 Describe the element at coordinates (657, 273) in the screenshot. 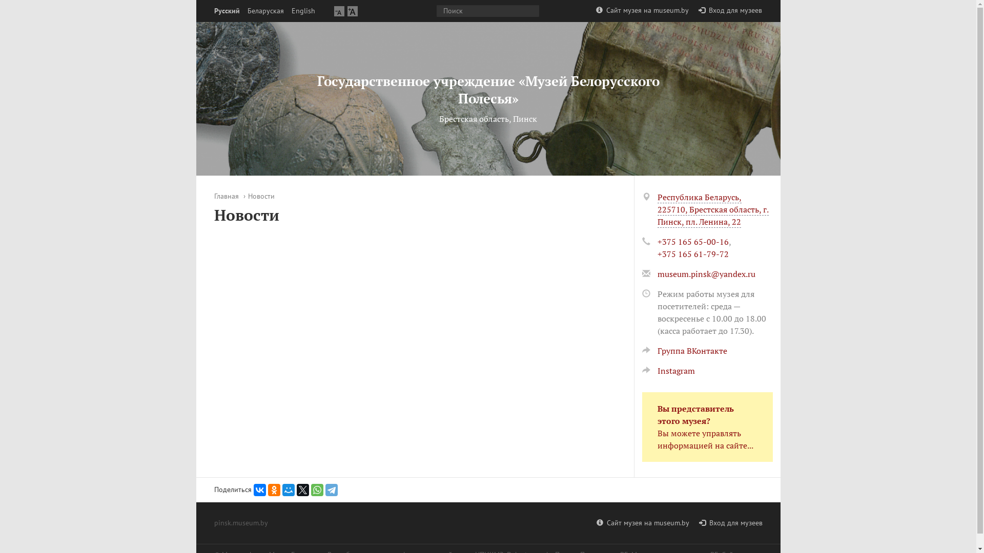

I see `'museum.pinsk@yandex.ru'` at that location.